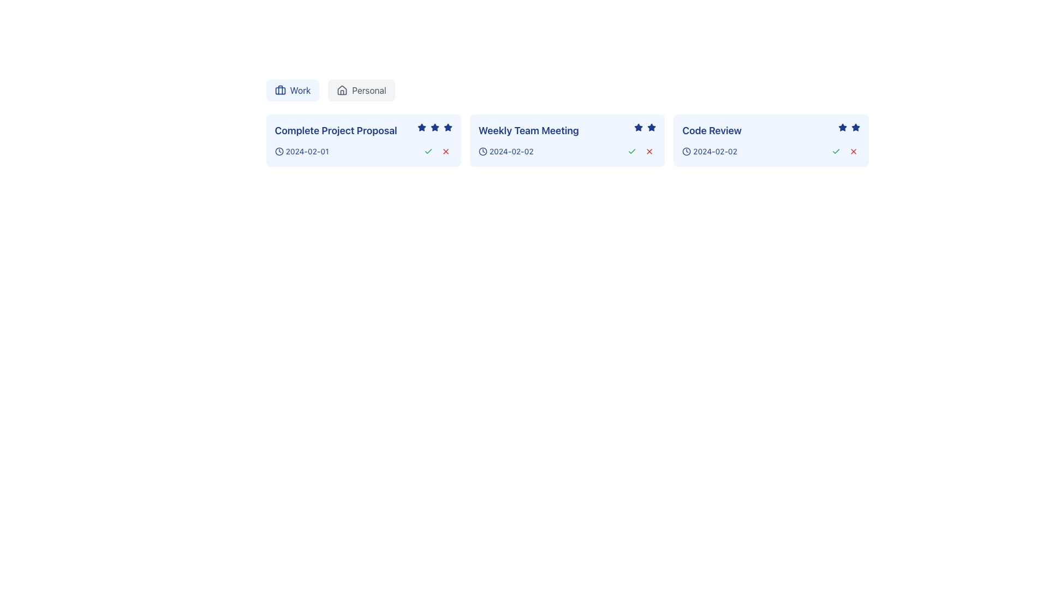 This screenshot has height=589, width=1048. I want to click on the small red cross icon button located in the 'Complete Project Proposal' card, so click(445, 151).